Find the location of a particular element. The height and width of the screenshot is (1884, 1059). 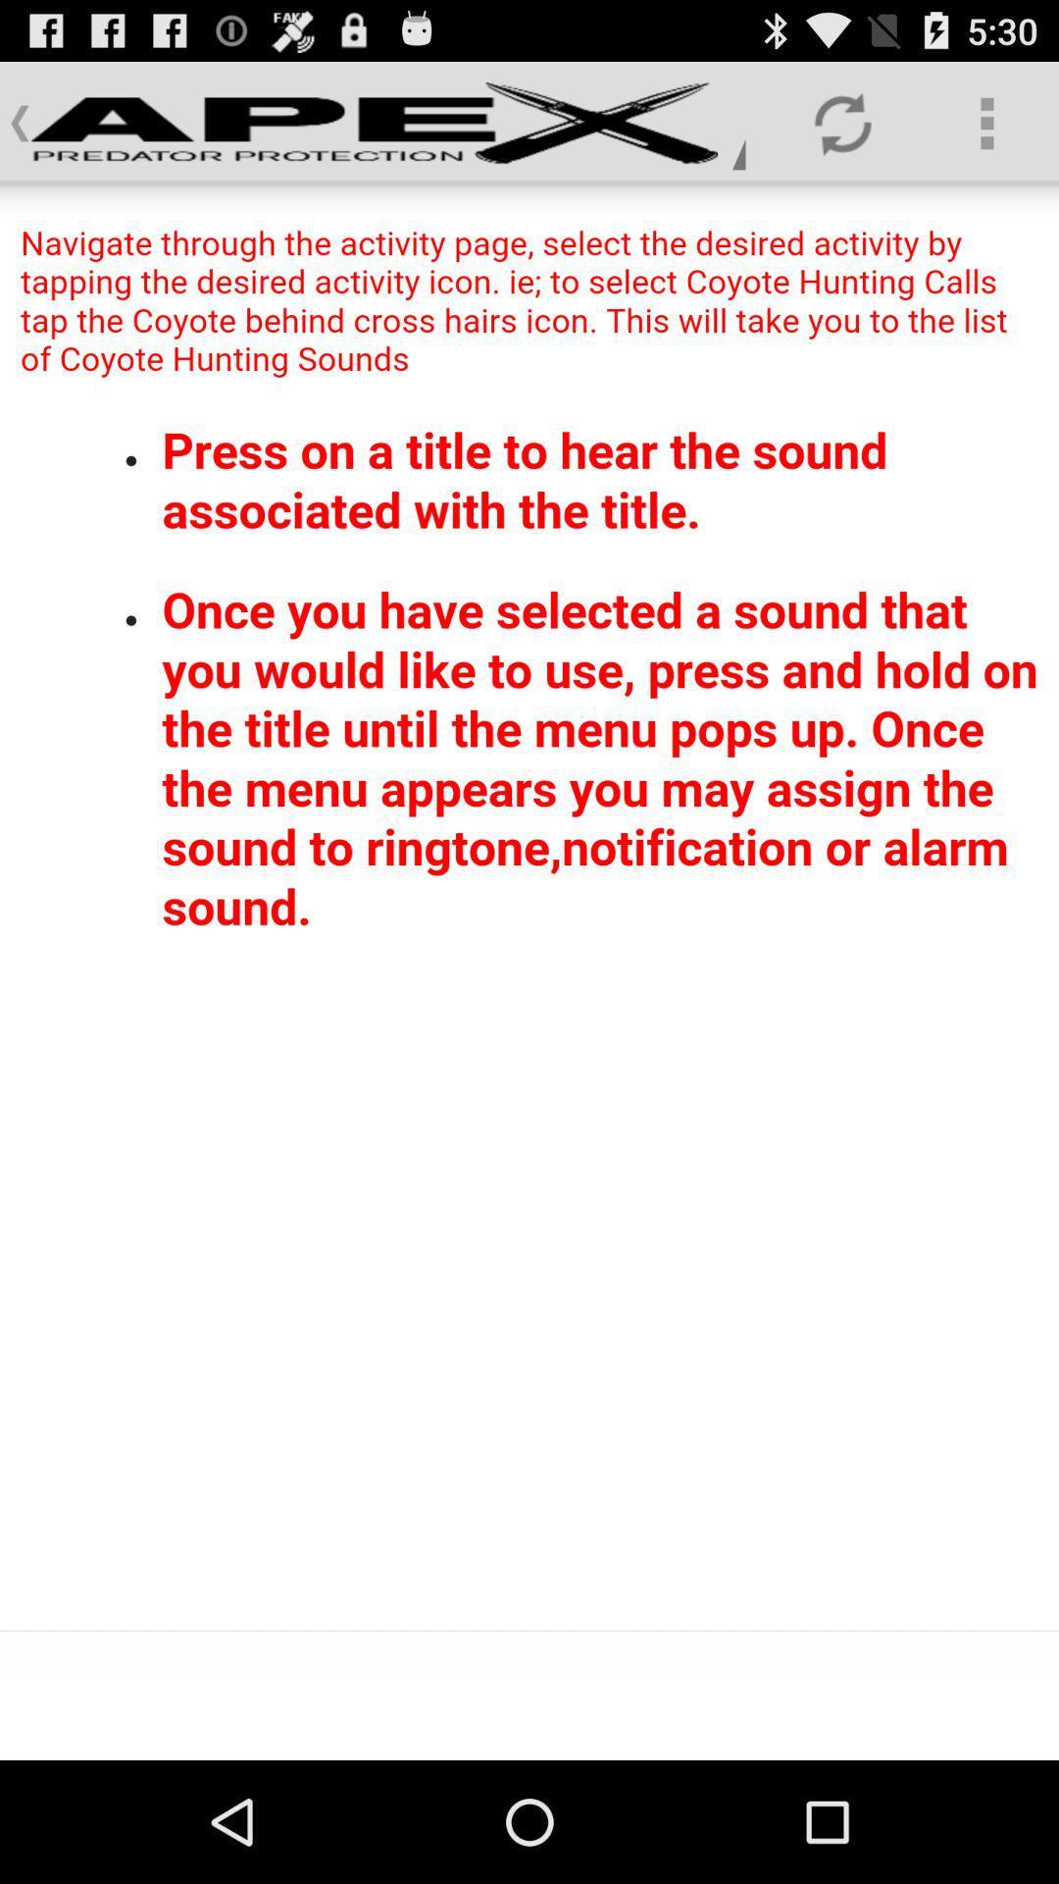

read all is located at coordinates (529, 907).